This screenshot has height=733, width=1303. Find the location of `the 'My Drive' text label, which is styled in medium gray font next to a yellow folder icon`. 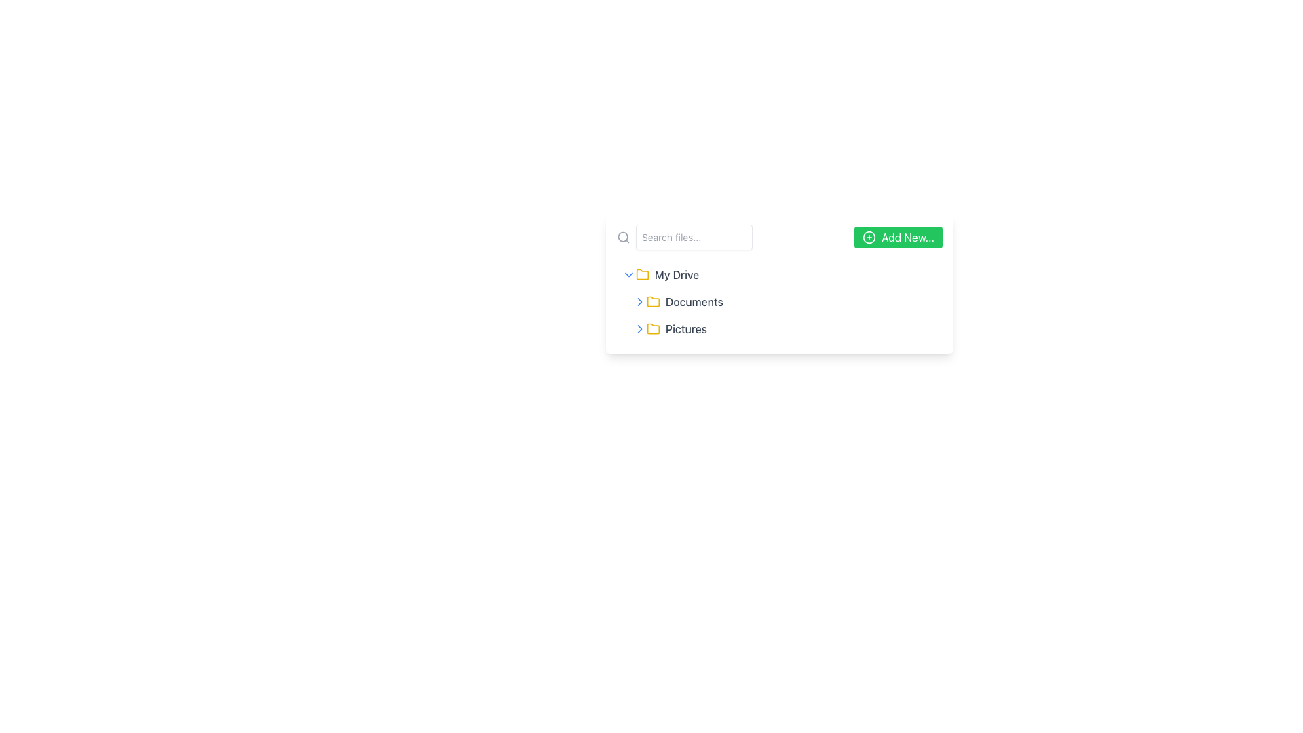

the 'My Drive' text label, which is styled in medium gray font next to a yellow folder icon is located at coordinates (677, 275).